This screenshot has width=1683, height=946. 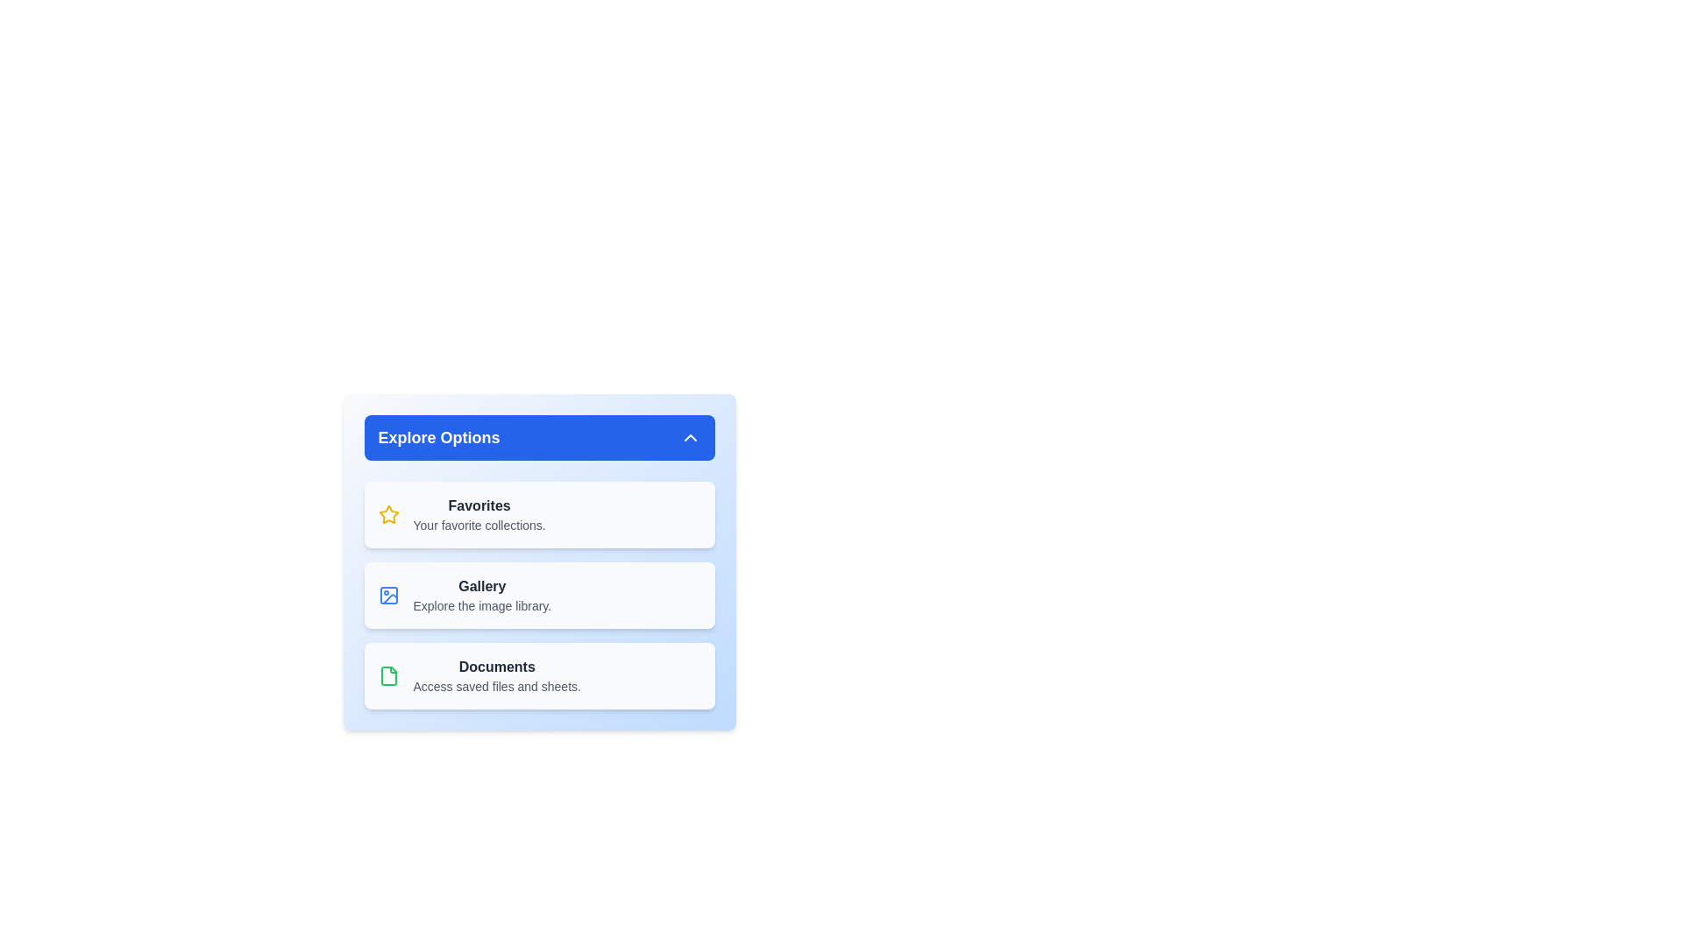 I want to click on the 'Favorites' text label which displays the text 'Favorites' in bold and 'Your favorite collections.' in a smaller font, located in the middle section of the second card under the 'Explore Options' heading, so click(x=479, y=513).